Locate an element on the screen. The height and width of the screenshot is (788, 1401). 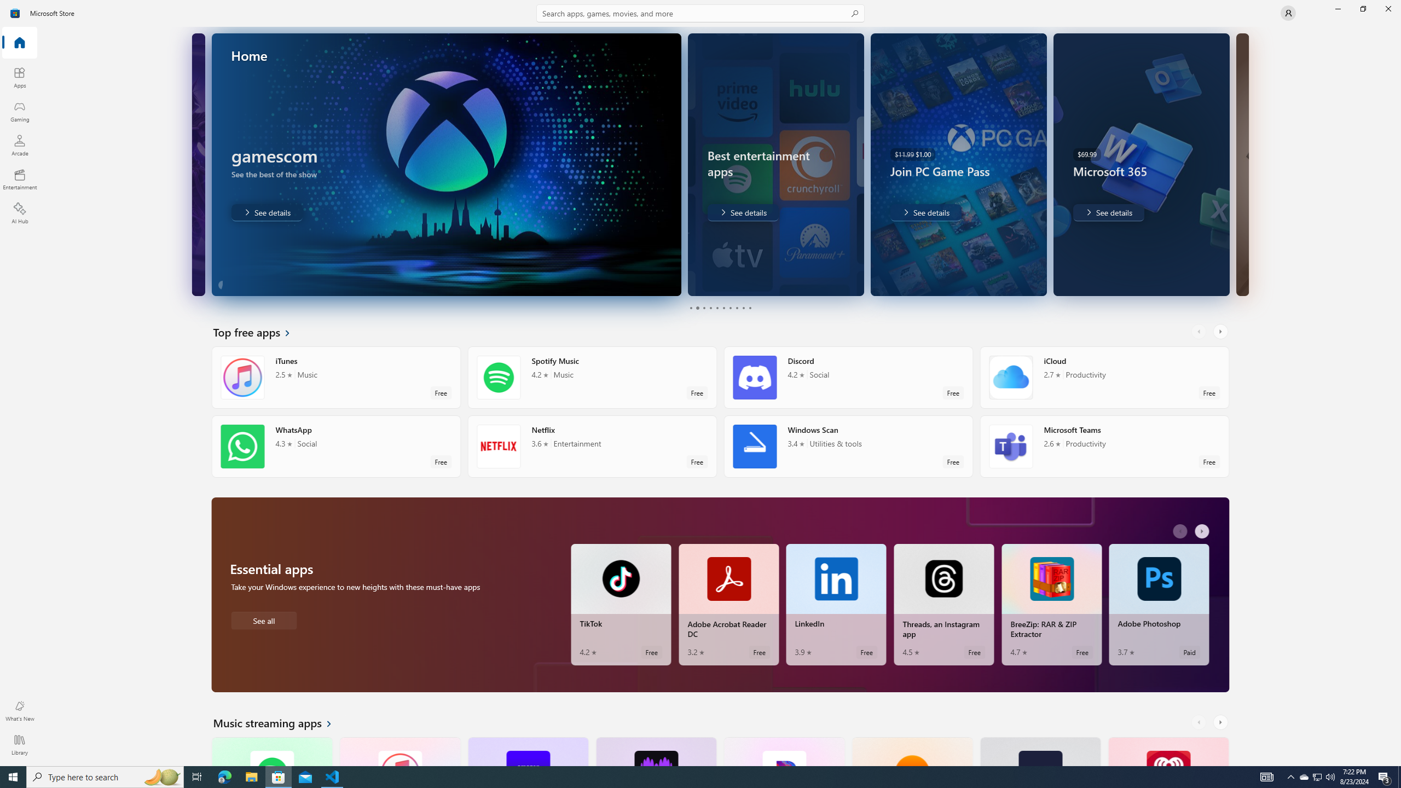
'Discord. Average rating of 4.2 out of five stars. Free  ' is located at coordinates (848, 377).